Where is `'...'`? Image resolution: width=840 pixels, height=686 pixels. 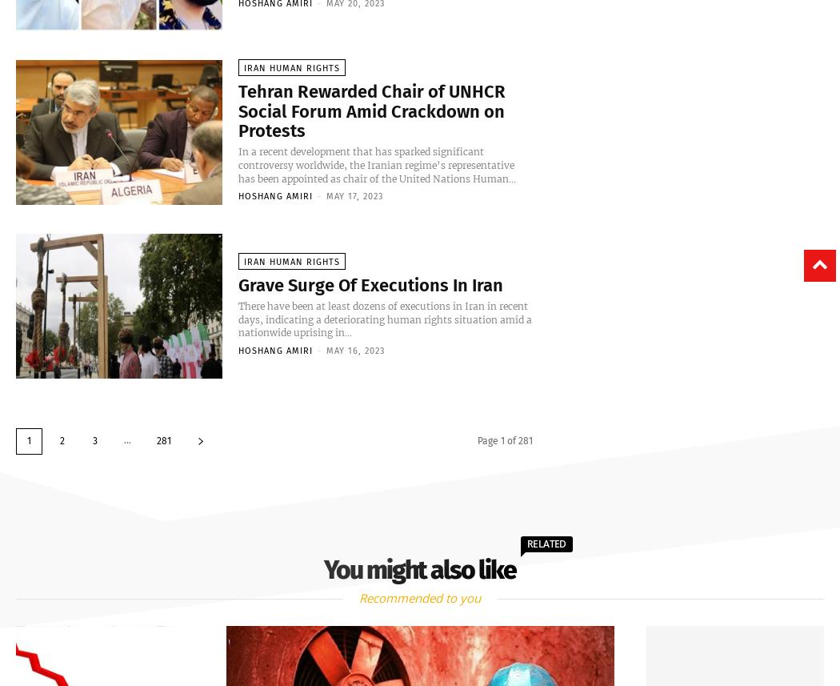
'...' is located at coordinates (127, 439).